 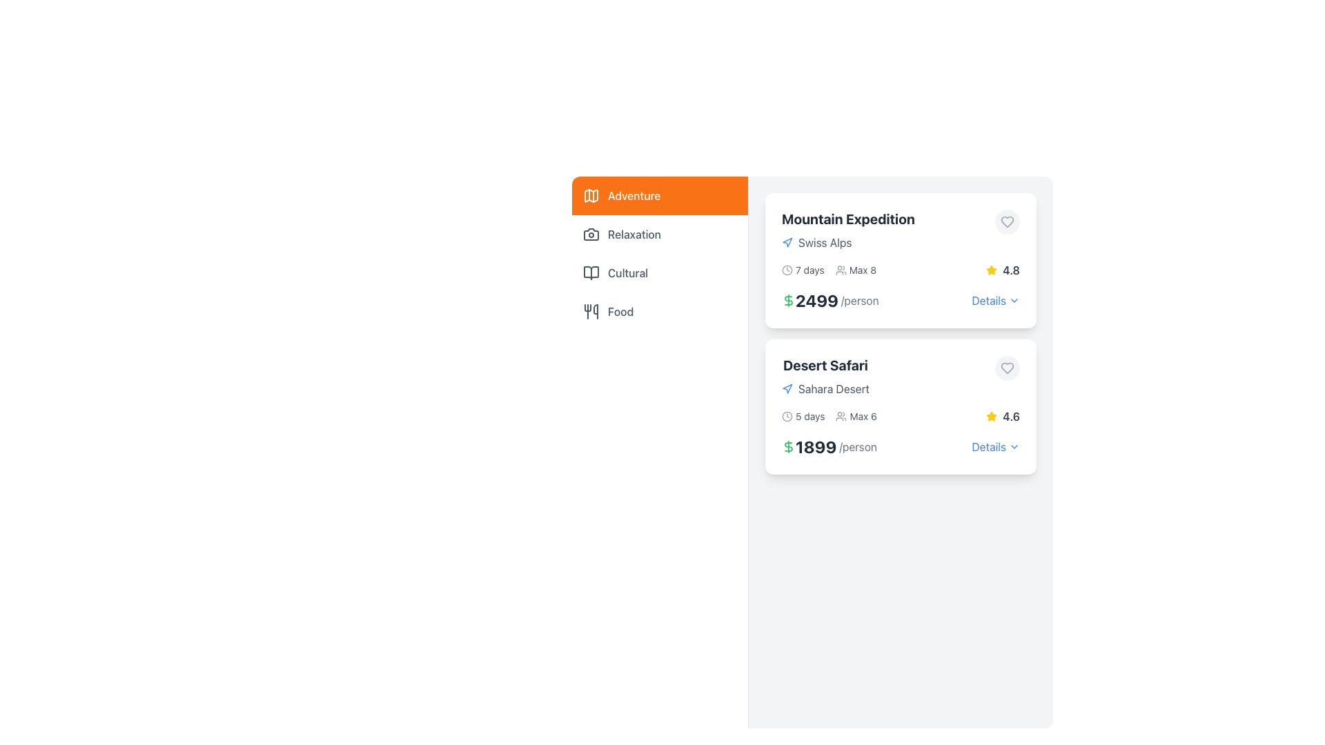 What do you see at coordinates (830, 299) in the screenshot?
I see `price label showing '$2499/person' located in the upper section of the 'Mountain Expedition' card in the details panel` at bounding box center [830, 299].